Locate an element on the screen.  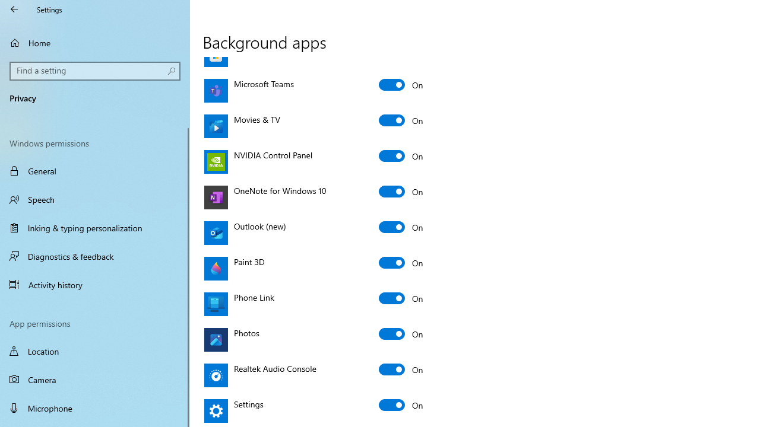
'Microsoft Teams' is located at coordinates (401, 84).